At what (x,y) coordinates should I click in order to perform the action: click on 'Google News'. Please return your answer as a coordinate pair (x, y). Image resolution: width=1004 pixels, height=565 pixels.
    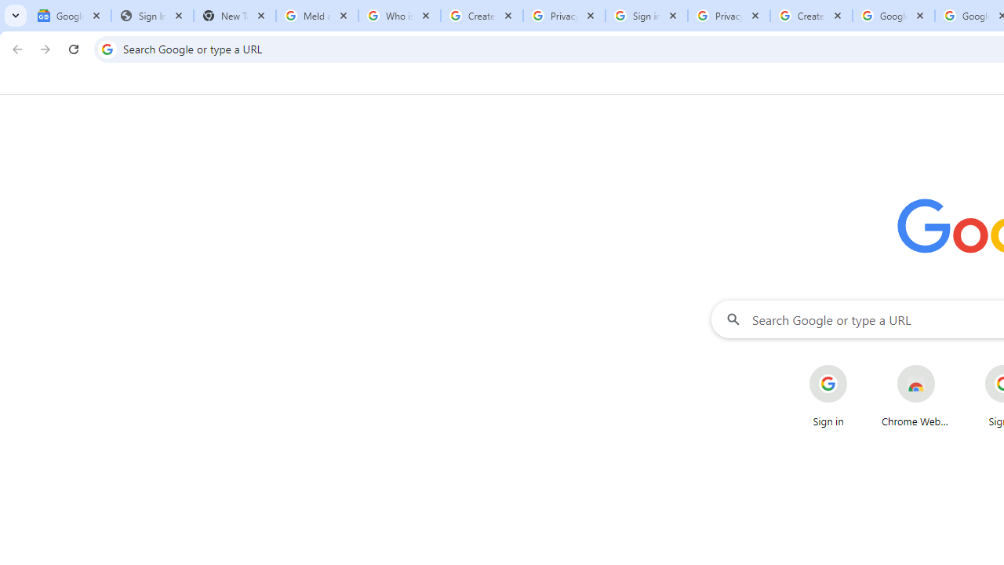
    Looking at the image, I should click on (69, 16).